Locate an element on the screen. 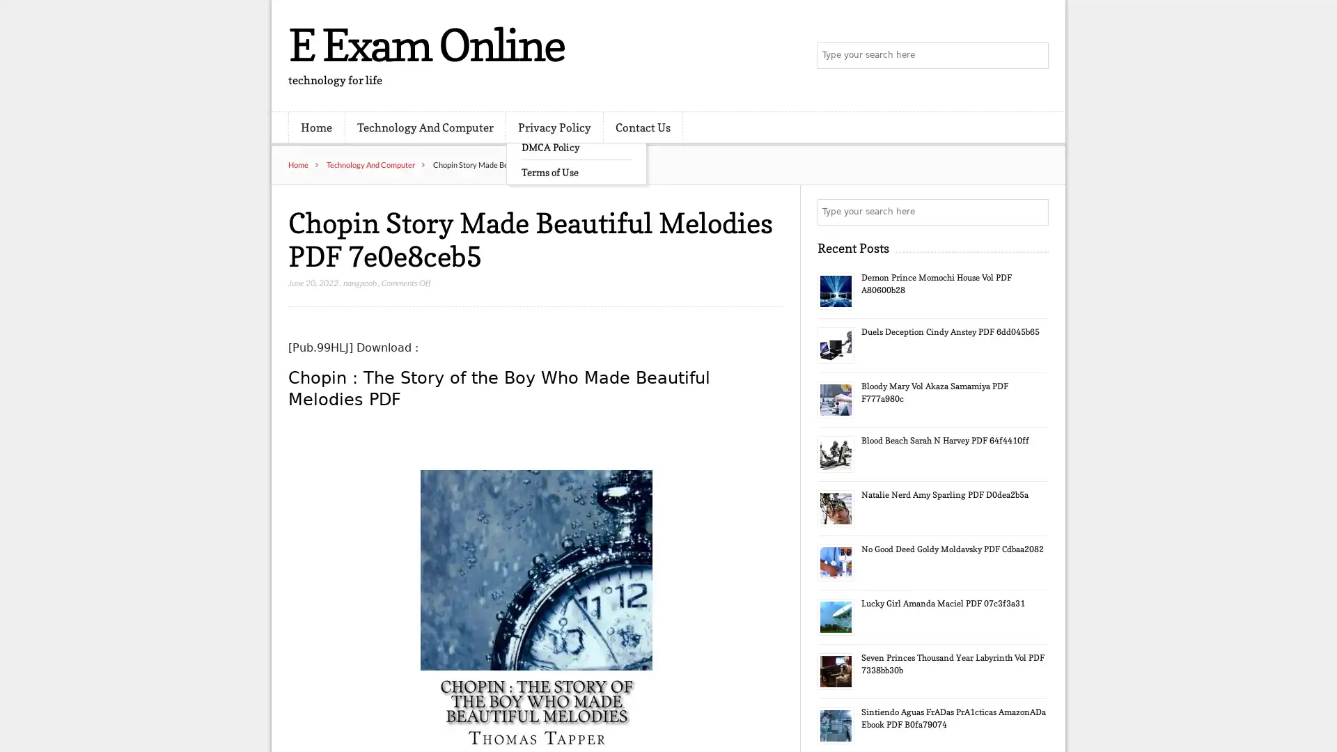 This screenshot has height=752, width=1337. Search is located at coordinates (1034, 56).